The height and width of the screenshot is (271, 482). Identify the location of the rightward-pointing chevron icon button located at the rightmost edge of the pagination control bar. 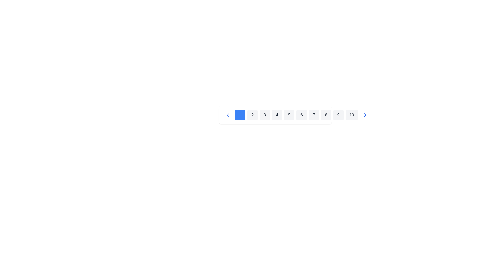
(365, 115).